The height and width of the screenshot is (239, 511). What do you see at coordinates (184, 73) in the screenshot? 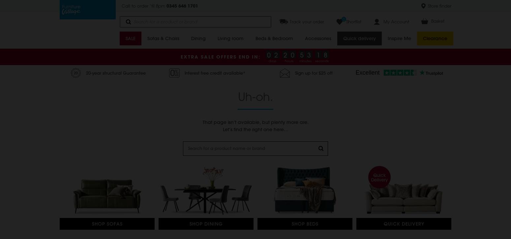
I see `'Interest free credit available*'` at bounding box center [184, 73].